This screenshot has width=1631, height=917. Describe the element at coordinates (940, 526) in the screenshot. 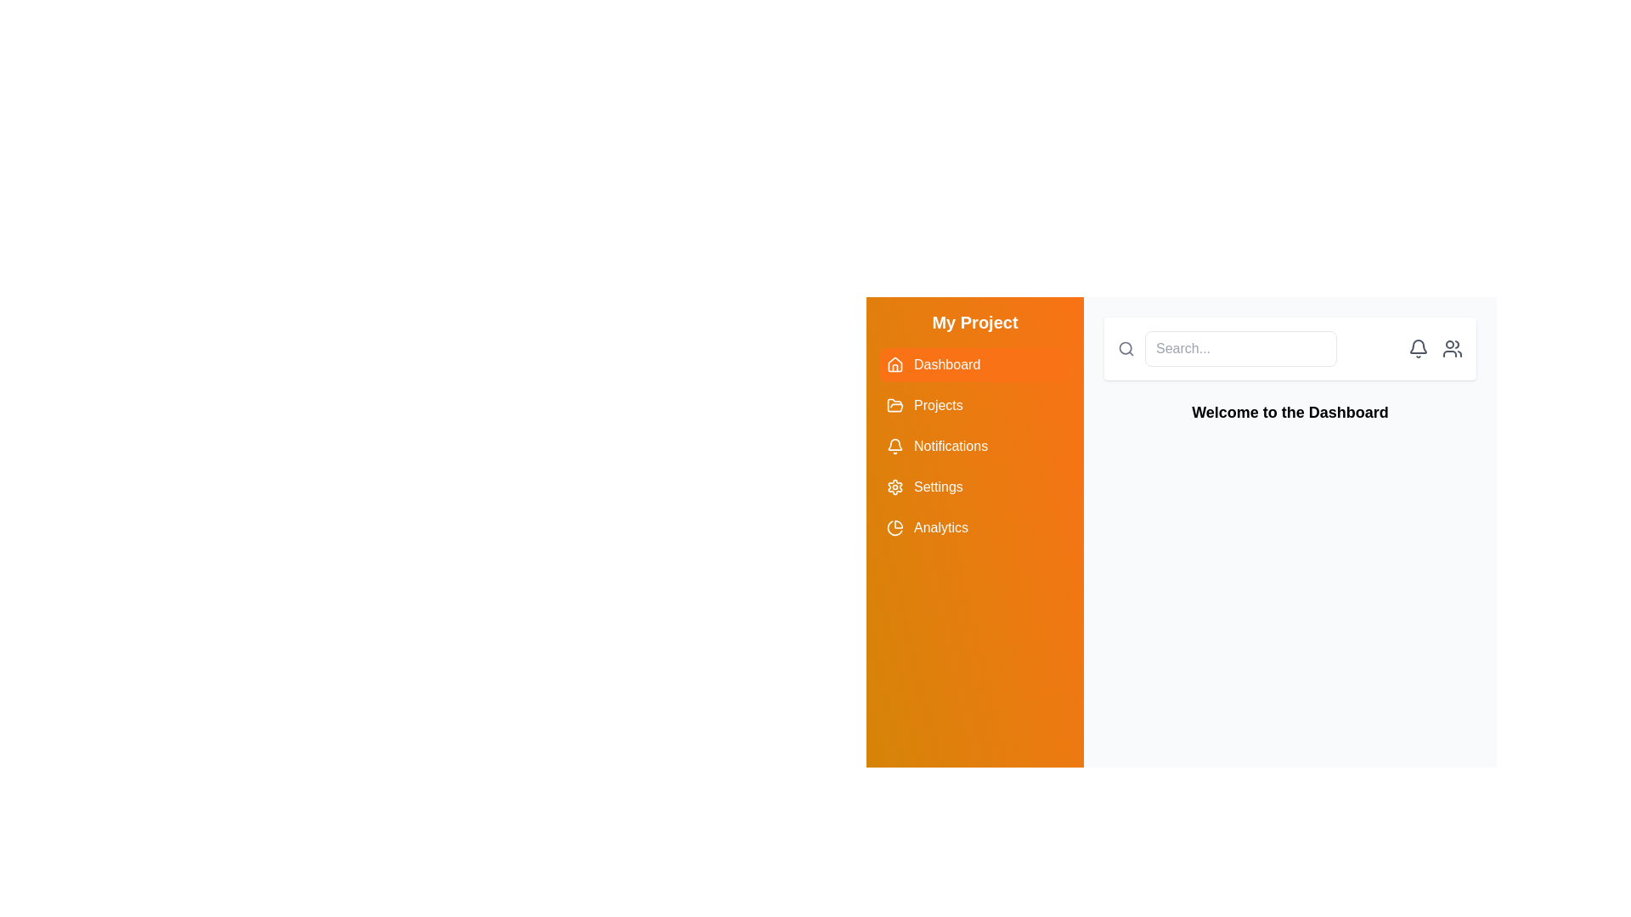

I see `the 'Analytics' text element located at the bottom of the vertical navigation menu` at that location.